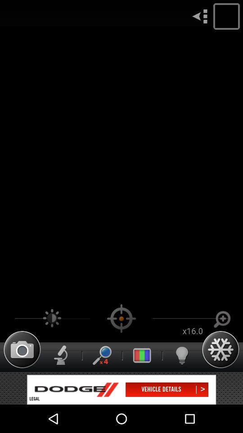  I want to click on the photo icon, so click(22, 374).